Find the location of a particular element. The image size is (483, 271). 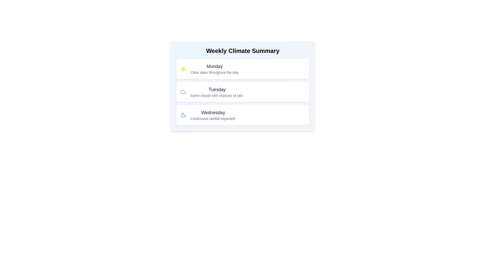

the weather condition icon for Tuesday is located at coordinates (183, 92).